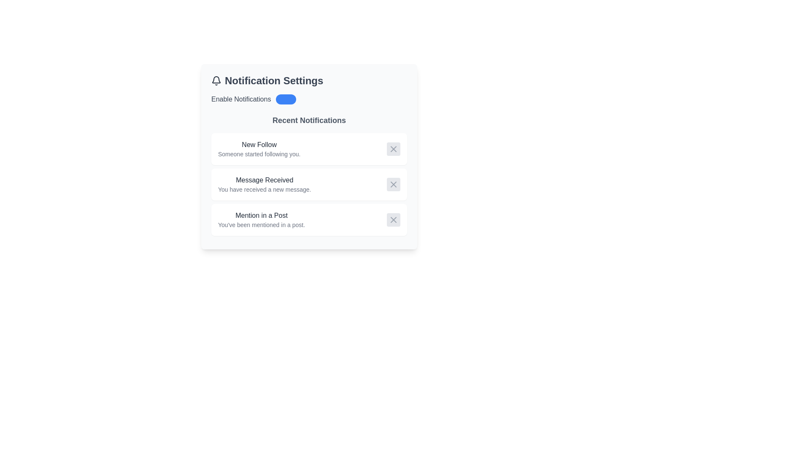 The image size is (810, 455). What do you see at coordinates (393, 184) in the screenshot?
I see `the close icon located to the far right of the 'Message Received' notification` at bounding box center [393, 184].